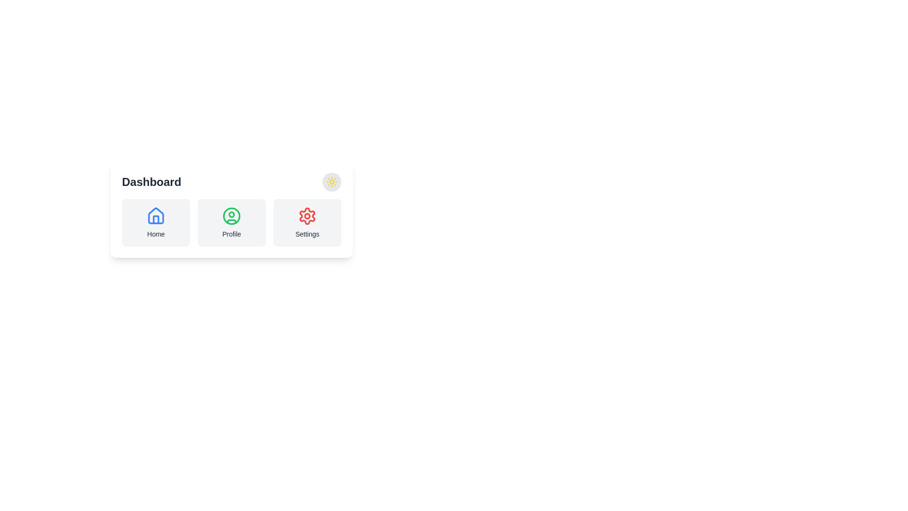  Describe the element at coordinates (307, 216) in the screenshot. I see `the prominent red cogwheel icon button located in the 'Settings' section` at that location.